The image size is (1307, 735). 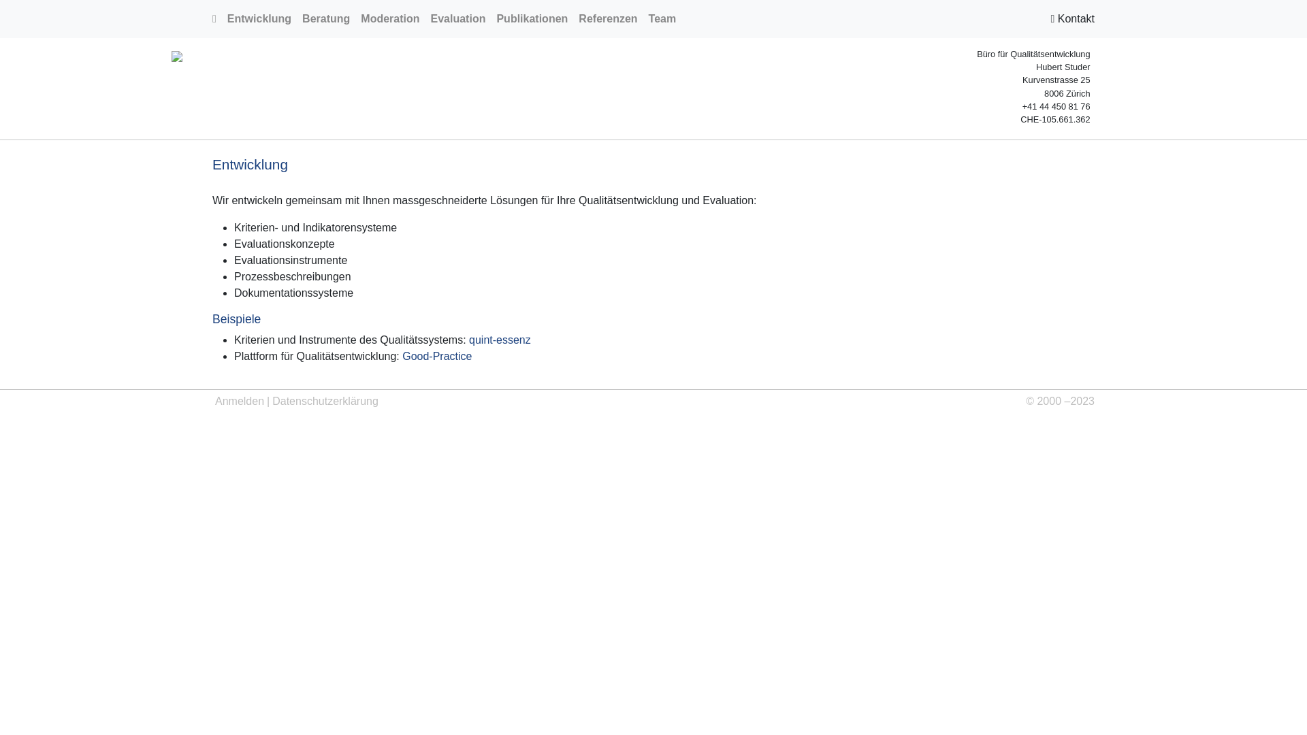 I want to click on 'quint-essenz', so click(x=469, y=339).